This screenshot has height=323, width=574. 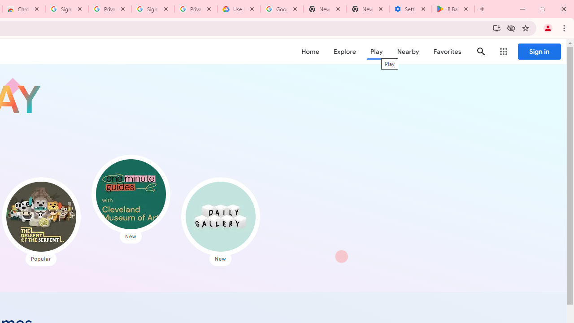 What do you see at coordinates (40, 217) in the screenshot?
I see `'The Descent of the Serpent'` at bounding box center [40, 217].